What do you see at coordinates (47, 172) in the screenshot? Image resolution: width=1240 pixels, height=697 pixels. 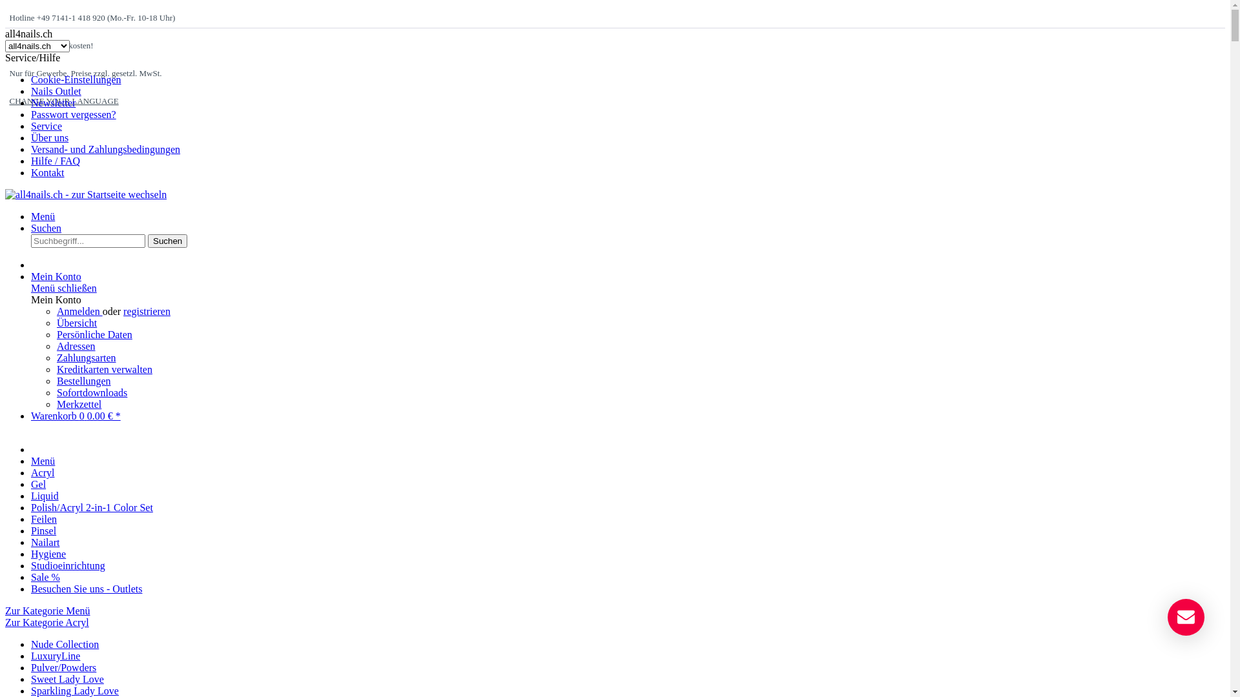 I see `'Kontakt'` at bounding box center [47, 172].